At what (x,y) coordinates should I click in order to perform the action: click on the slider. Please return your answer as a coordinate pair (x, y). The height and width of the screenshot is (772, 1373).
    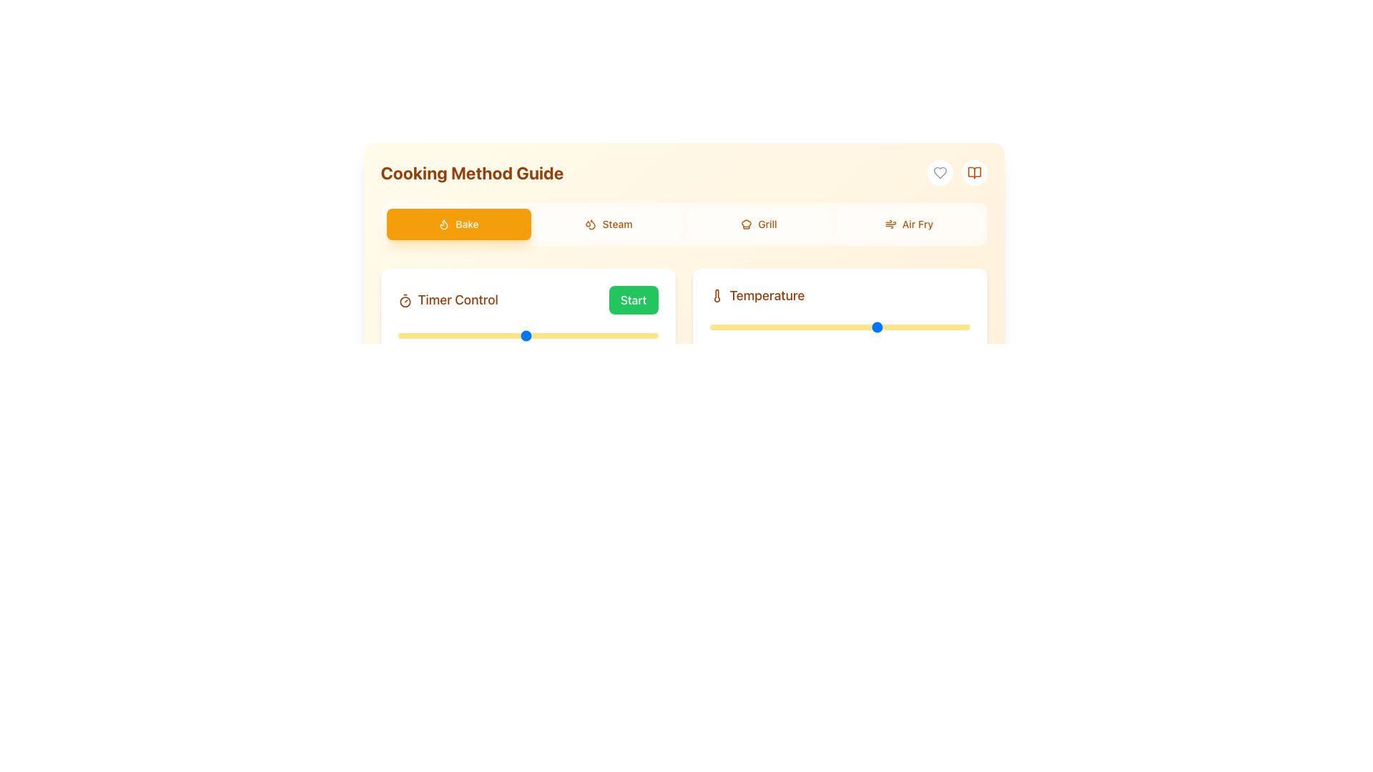
    Looking at the image, I should click on (734, 327).